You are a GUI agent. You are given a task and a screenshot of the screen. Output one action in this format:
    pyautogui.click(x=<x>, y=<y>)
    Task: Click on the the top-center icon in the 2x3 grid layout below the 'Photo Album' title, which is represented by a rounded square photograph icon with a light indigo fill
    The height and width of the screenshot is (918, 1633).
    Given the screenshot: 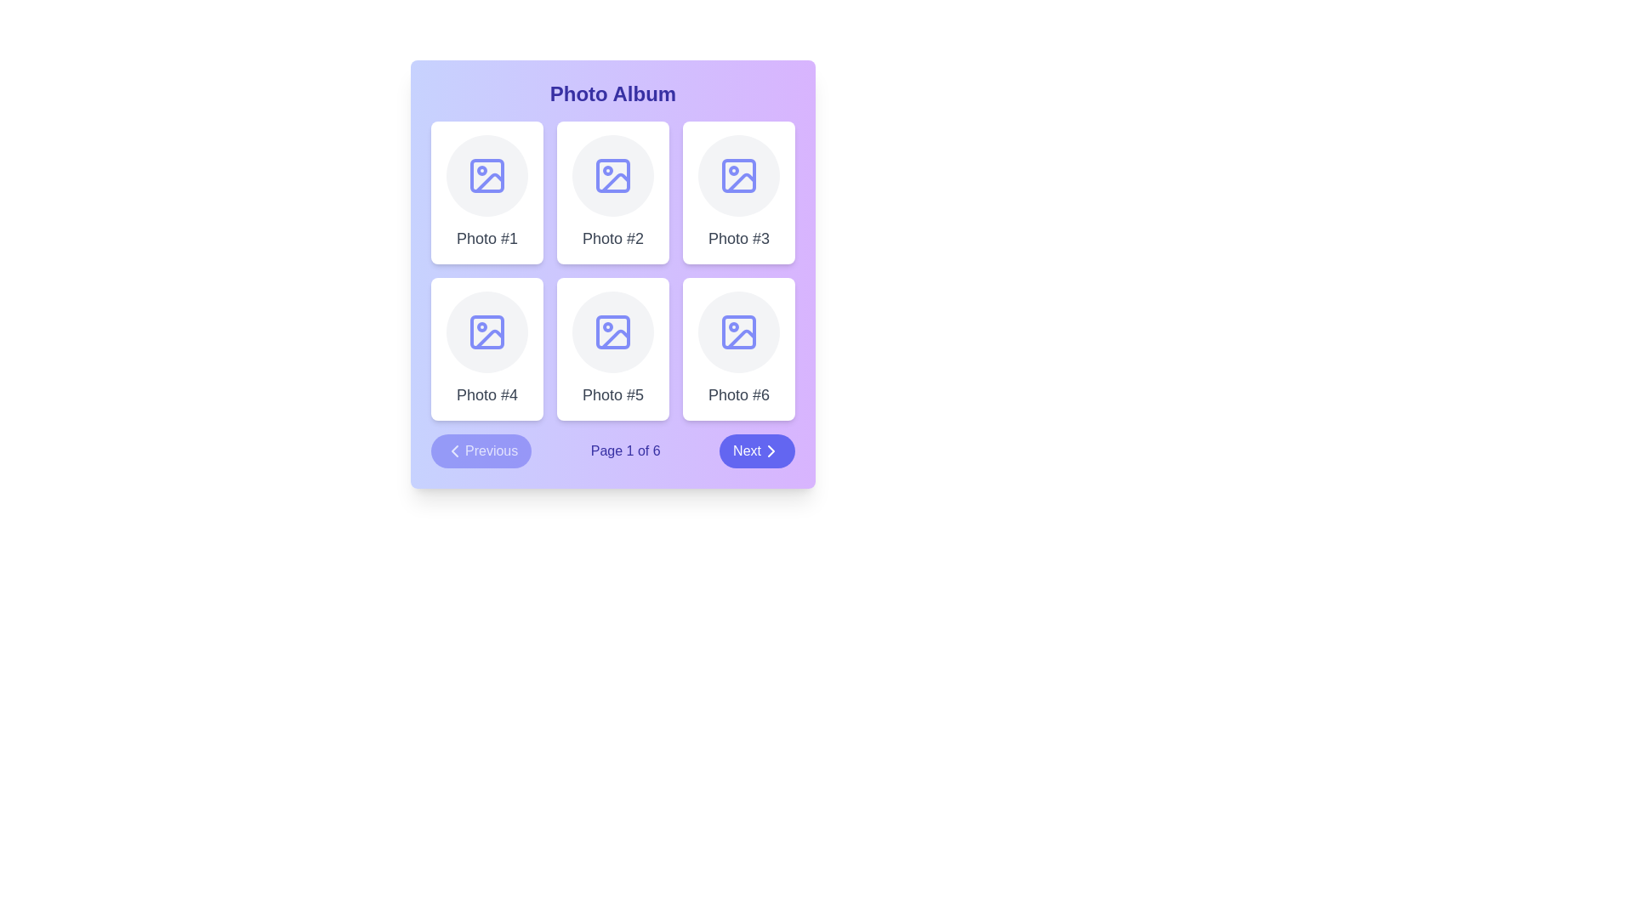 What is the action you would take?
    pyautogui.click(x=612, y=176)
    